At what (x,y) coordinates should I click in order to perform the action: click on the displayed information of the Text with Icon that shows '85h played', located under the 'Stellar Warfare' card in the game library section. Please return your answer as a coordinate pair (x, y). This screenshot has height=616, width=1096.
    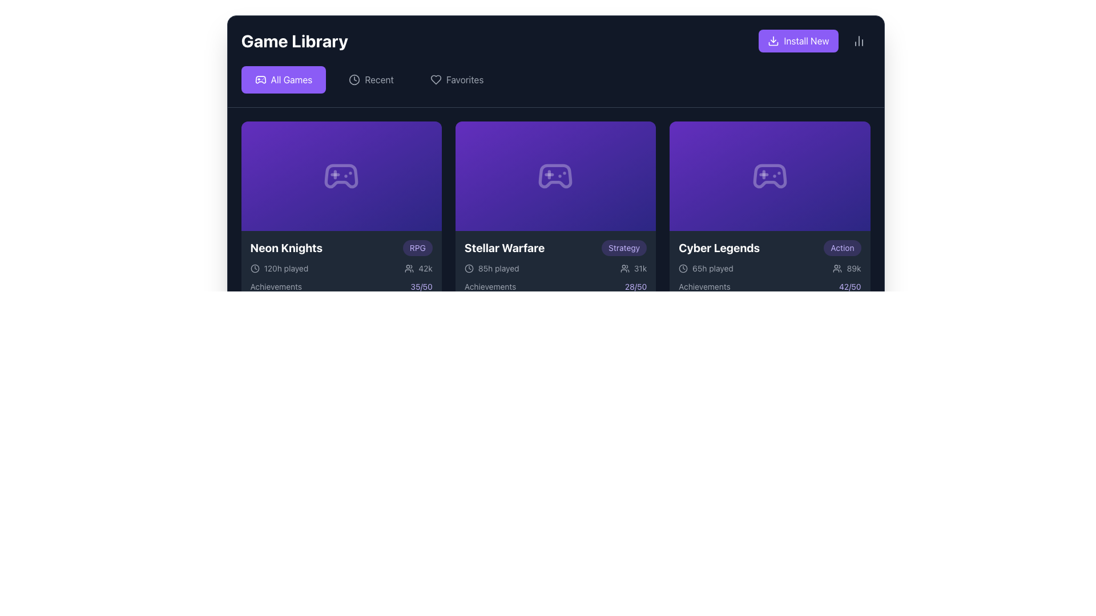
    Looking at the image, I should click on (491, 268).